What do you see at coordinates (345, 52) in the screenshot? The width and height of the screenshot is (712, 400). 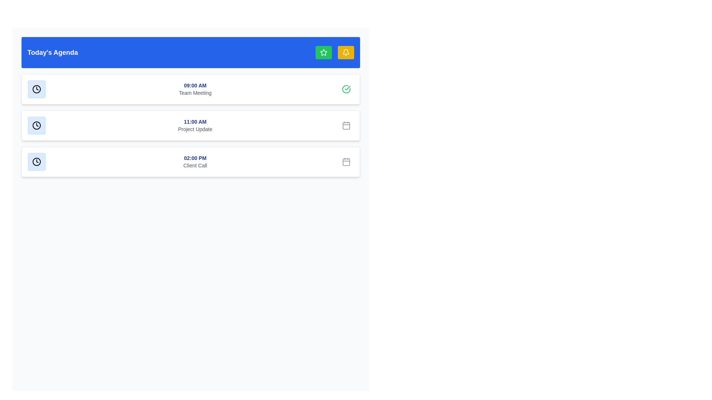 I see `the notification indicator button located in the top right corner of the application interface` at bounding box center [345, 52].